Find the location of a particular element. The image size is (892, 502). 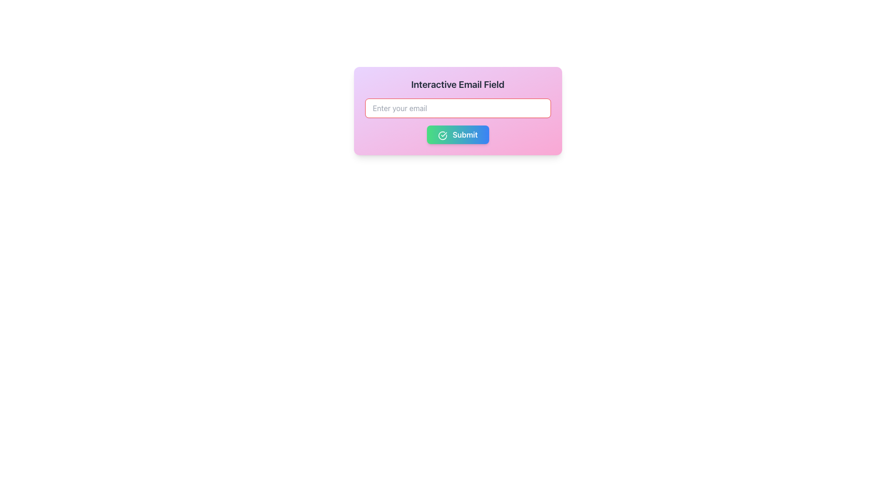

the 'Submit' button which has a gradient background from green to blue and features a white, bold 'Submit' text and a circular checkmark icon on the left is located at coordinates (458, 134).